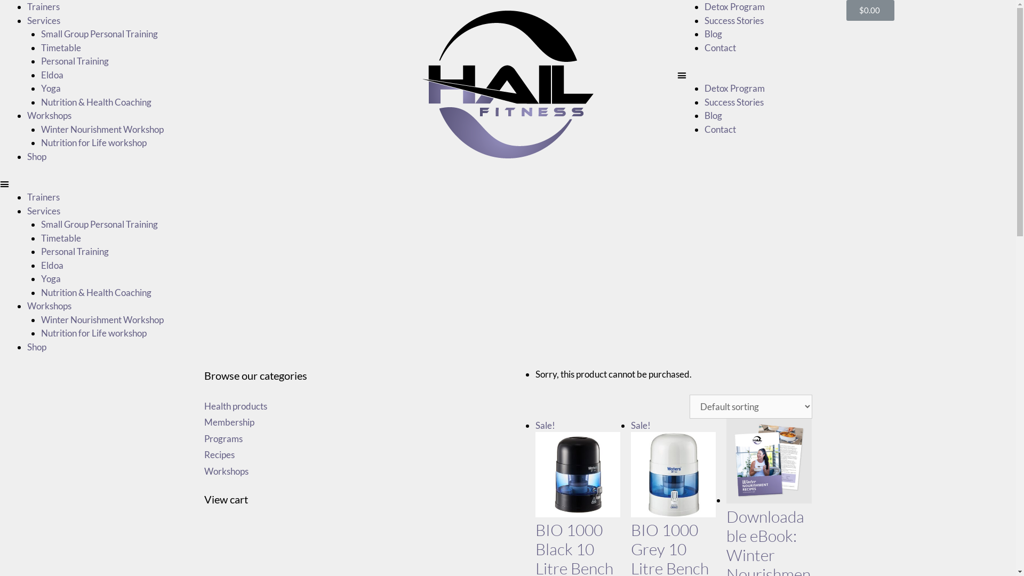 This screenshot has width=1024, height=576. I want to click on 'Small Group Personal Training', so click(99, 223).